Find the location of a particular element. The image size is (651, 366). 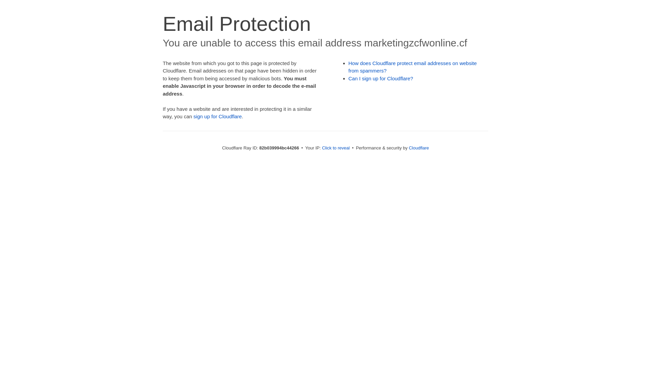

'Cloudflare' is located at coordinates (418, 147).